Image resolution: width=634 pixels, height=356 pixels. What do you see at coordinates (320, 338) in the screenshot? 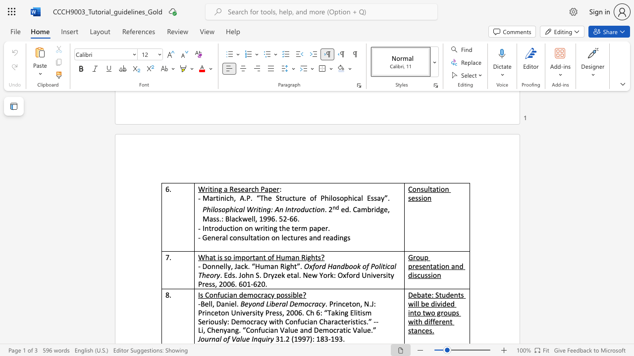
I see `the subset text "83-1" within the text "31.2 (1997): 183-193."` at bounding box center [320, 338].